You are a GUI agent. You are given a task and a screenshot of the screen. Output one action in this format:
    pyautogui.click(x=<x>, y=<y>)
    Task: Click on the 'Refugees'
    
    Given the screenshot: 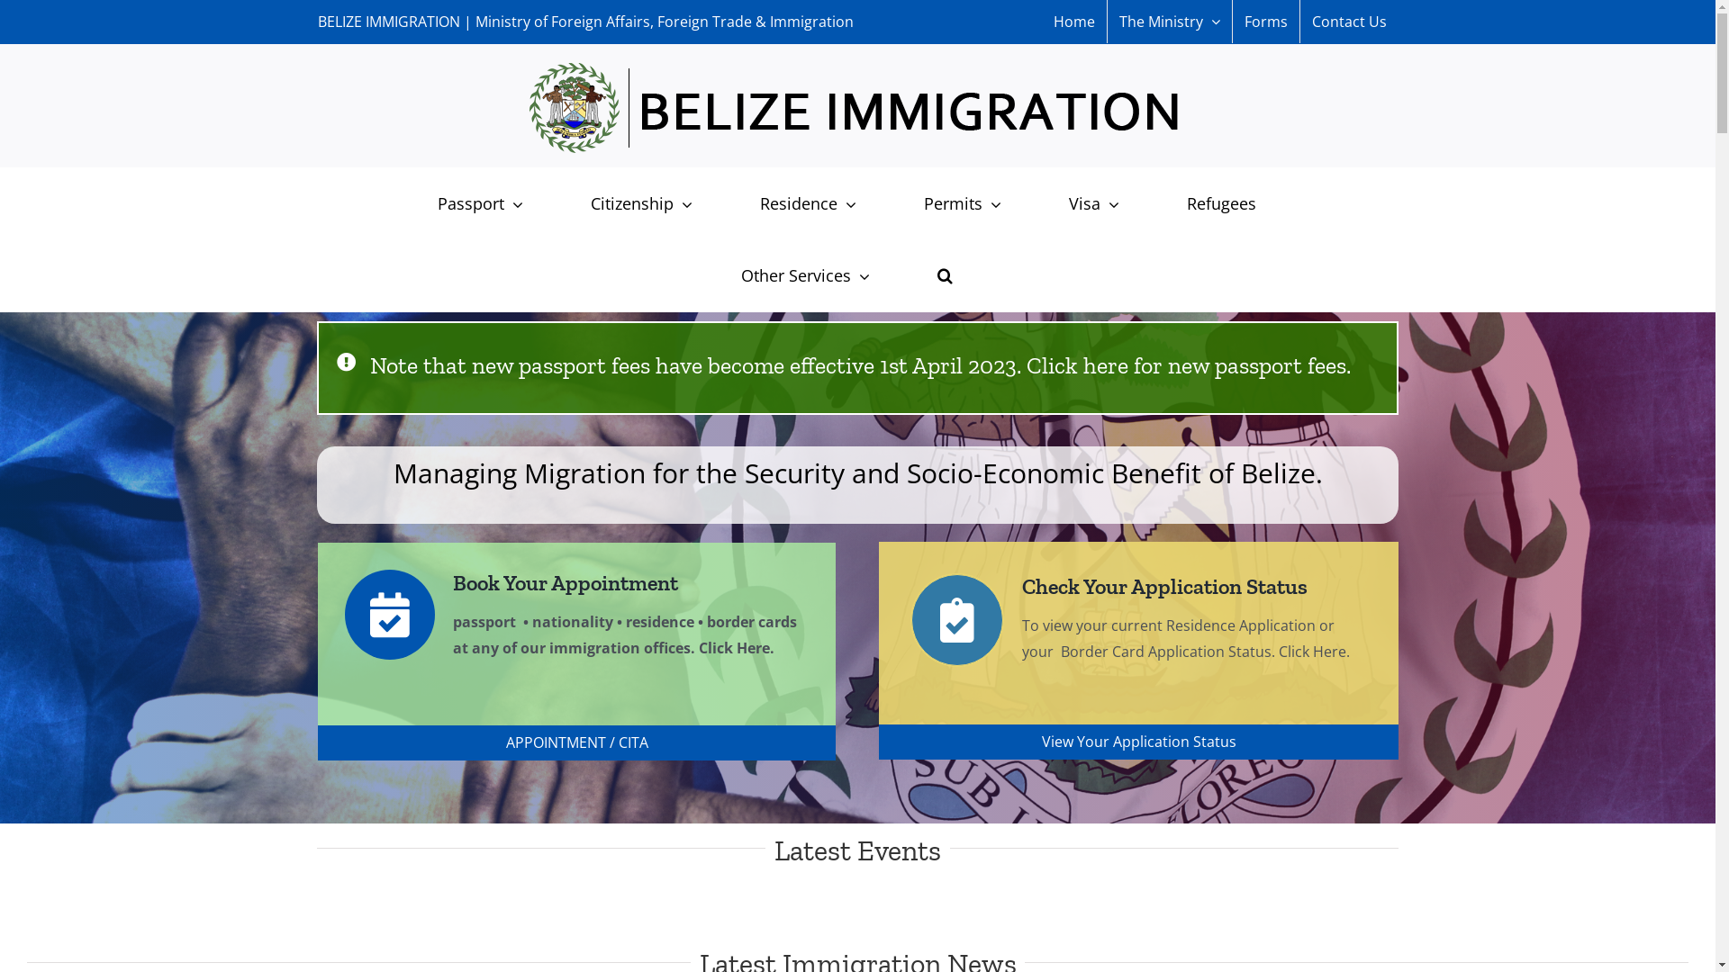 What is the action you would take?
    pyautogui.click(x=1220, y=202)
    